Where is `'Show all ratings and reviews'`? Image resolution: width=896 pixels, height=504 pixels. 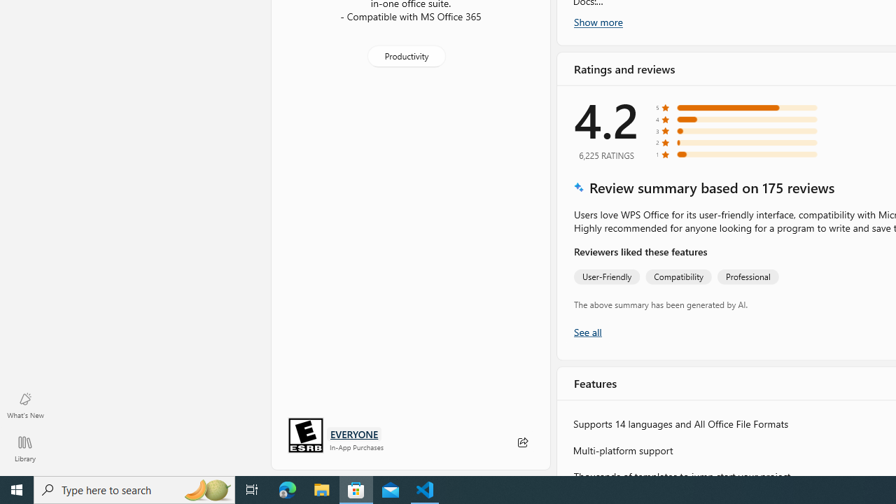 'Show all ratings and reviews' is located at coordinates (587, 331).